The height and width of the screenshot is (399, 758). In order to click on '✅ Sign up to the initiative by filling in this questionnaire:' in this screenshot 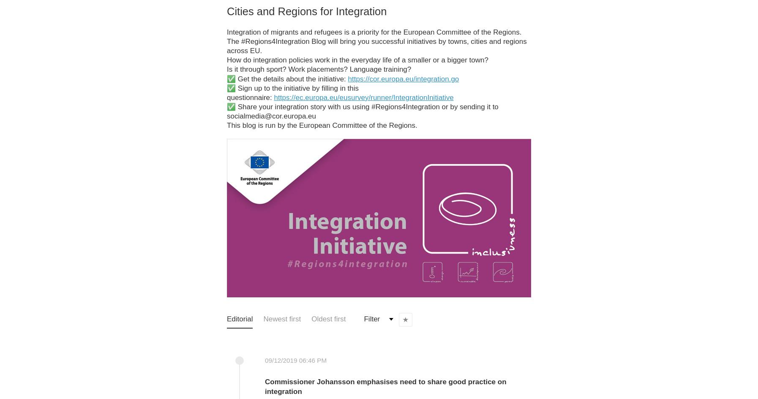, I will do `click(293, 92)`.